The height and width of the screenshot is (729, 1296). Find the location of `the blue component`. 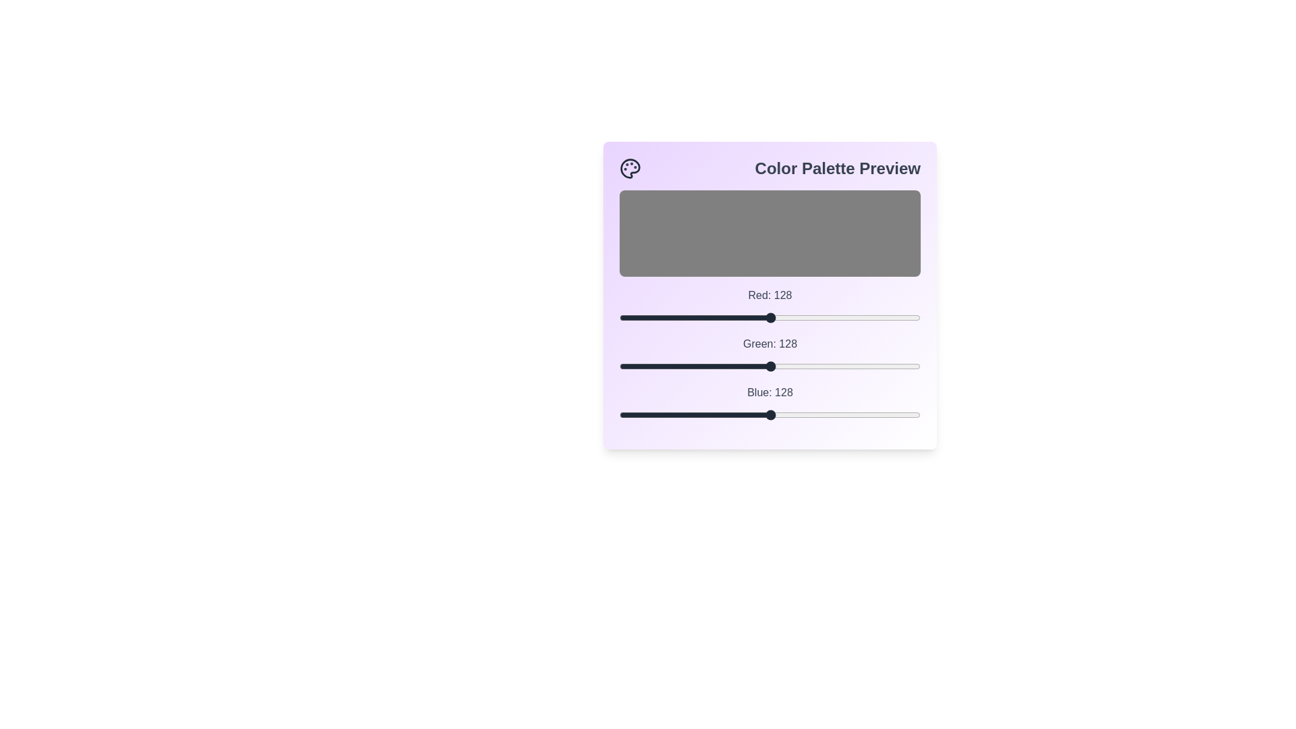

the blue component is located at coordinates (894, 414).